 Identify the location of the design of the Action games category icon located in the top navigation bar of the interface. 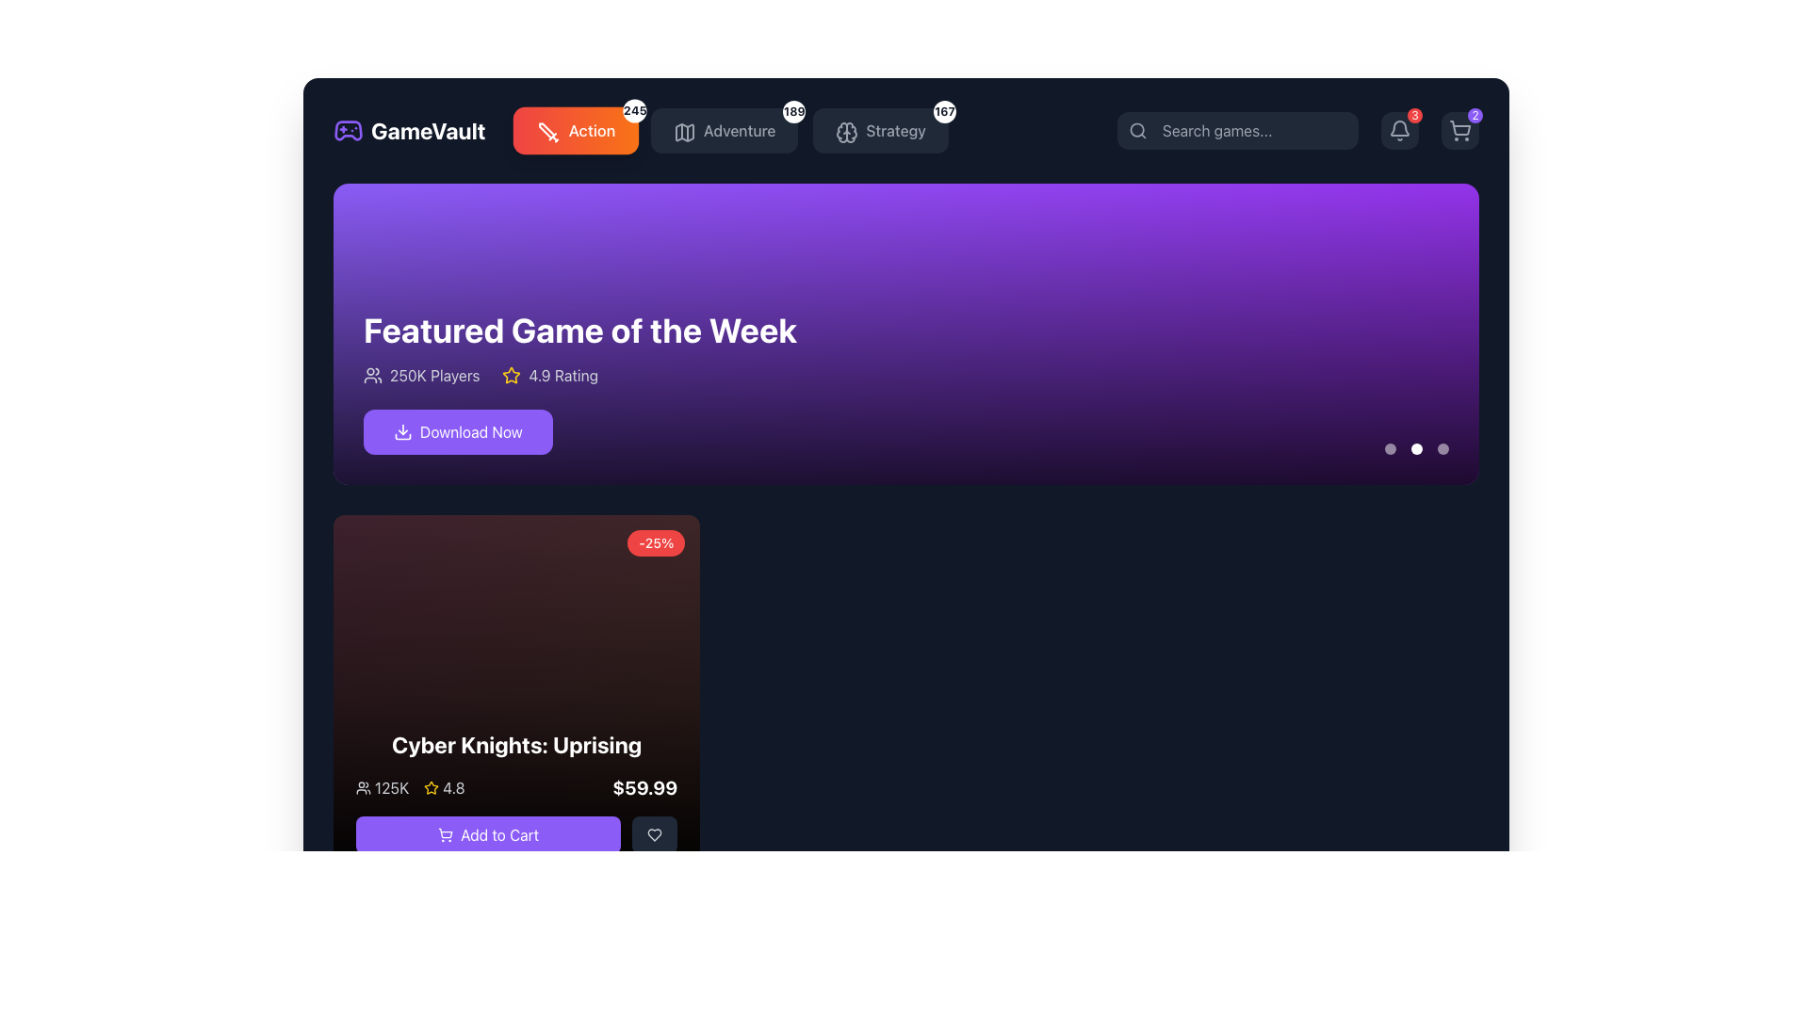
(547, 132).